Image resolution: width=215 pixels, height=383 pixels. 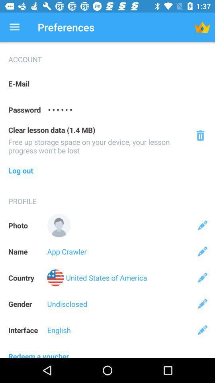 What do you see at coordinates (202, 330) in the screenshot?
I see `interface language` at bounding box center [202, 330].